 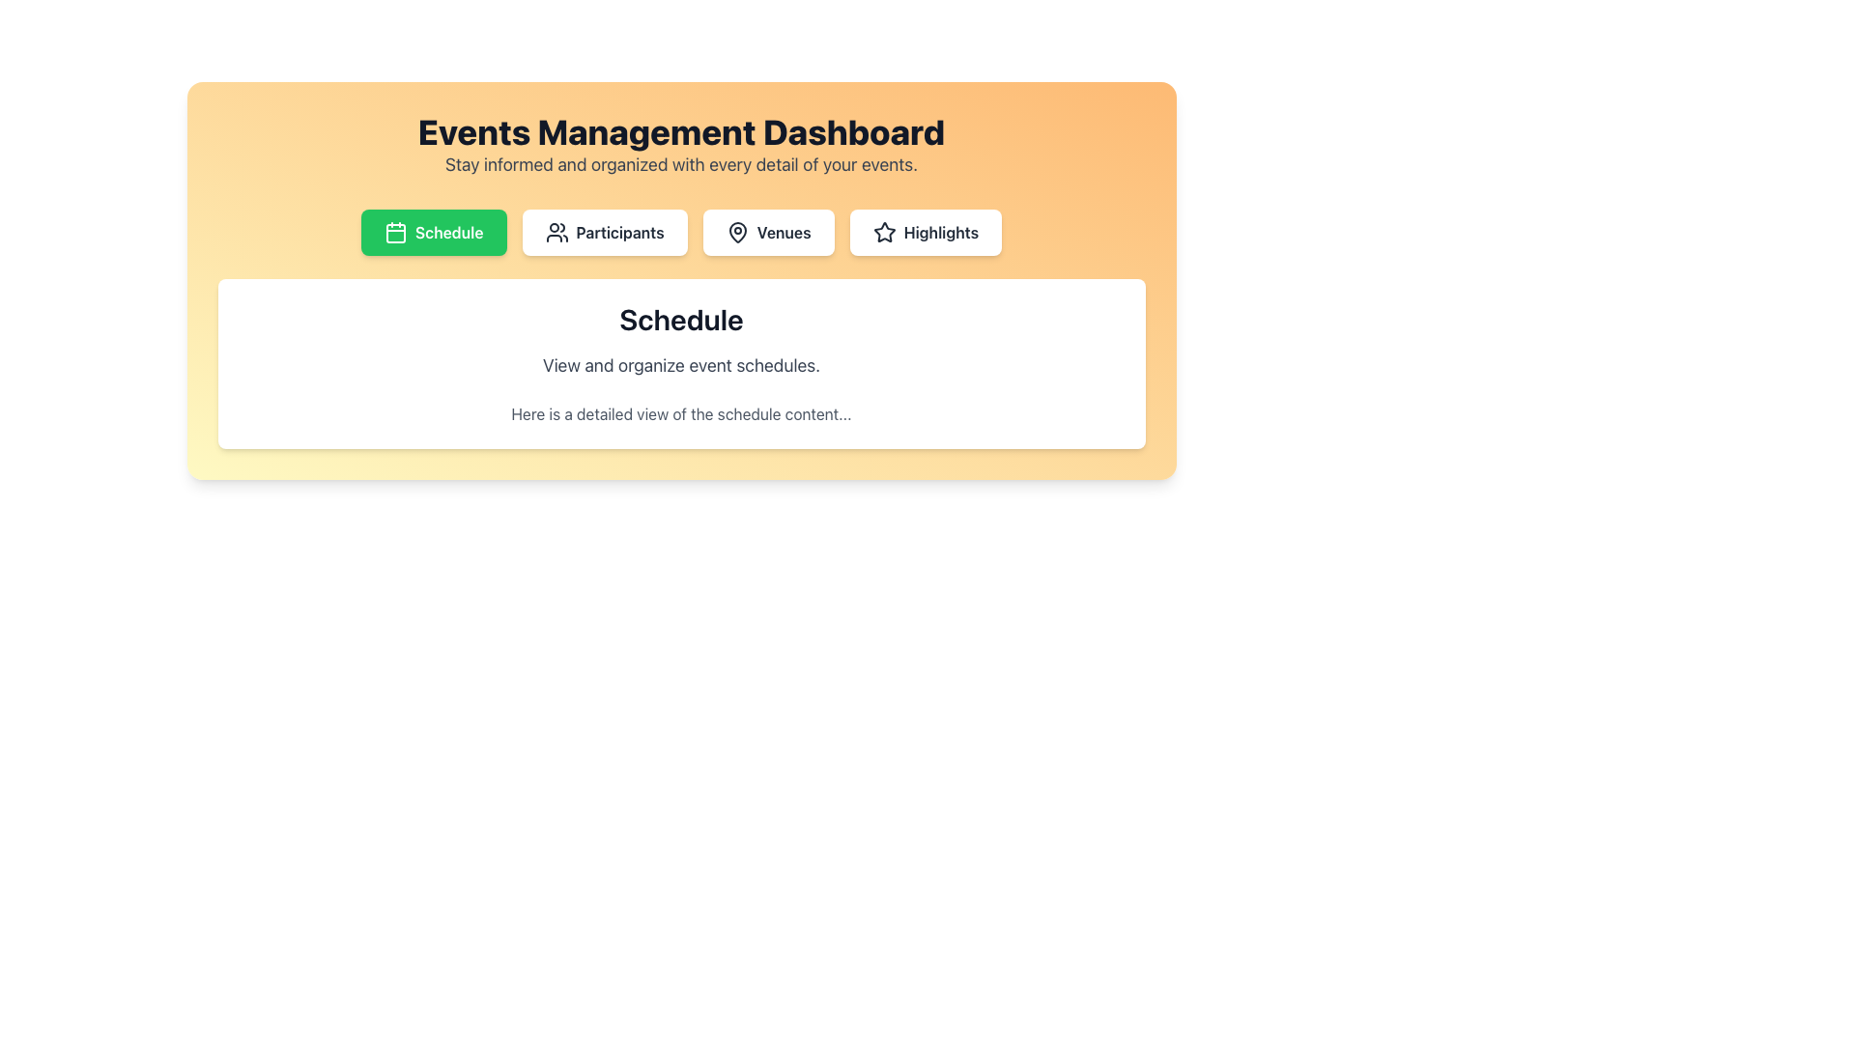 What do you see at coordinates (883, 231) in the screenshot?
I see `the star icon, which is a hollow, outlined dark gray icon located within the Highlights button on the Events Management Dashboard, positioned to the left of the text 'Highlights'` at bounding box center [883, 231].